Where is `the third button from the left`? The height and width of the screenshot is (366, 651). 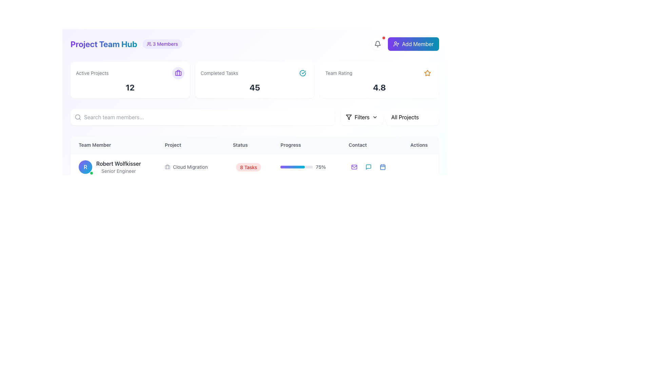
the third button from the left is located at coordinates (383, 218).